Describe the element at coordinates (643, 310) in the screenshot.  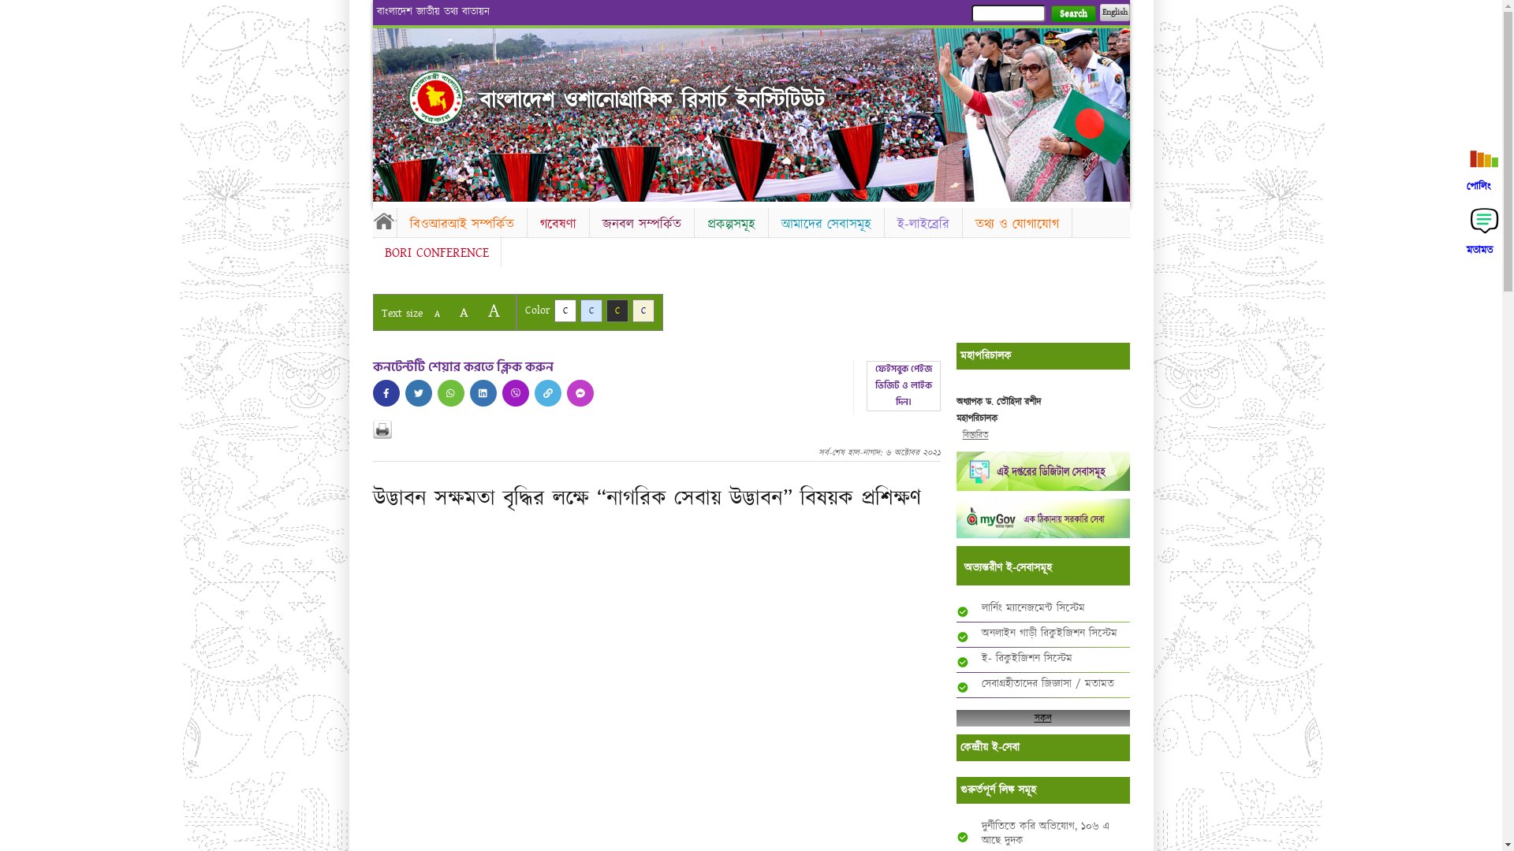
I see `'C'` at that location.